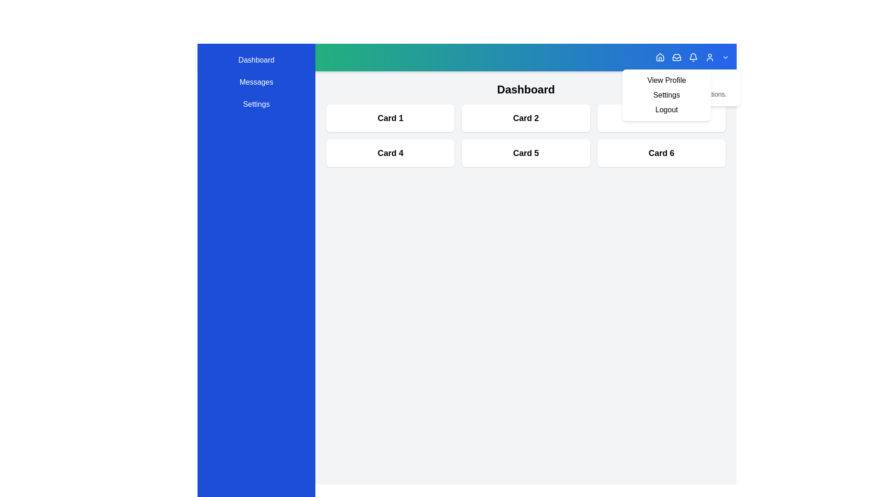 The height and width of the screenshot is (497, 884). I want to click on the 'Messages' text link in the blue sidebar, so click(256, 81).